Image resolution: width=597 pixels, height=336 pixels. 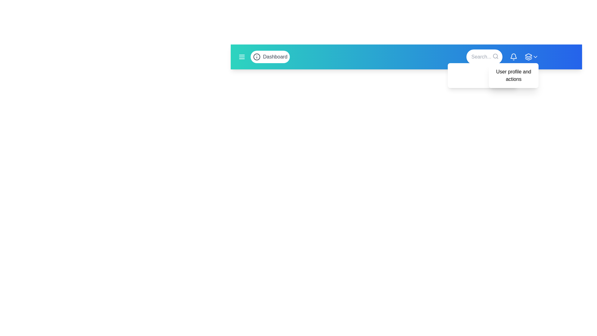 I want to click on the chevron-down icon with a blue background located in the top-right navigation bar, so click(x=535, y=57).